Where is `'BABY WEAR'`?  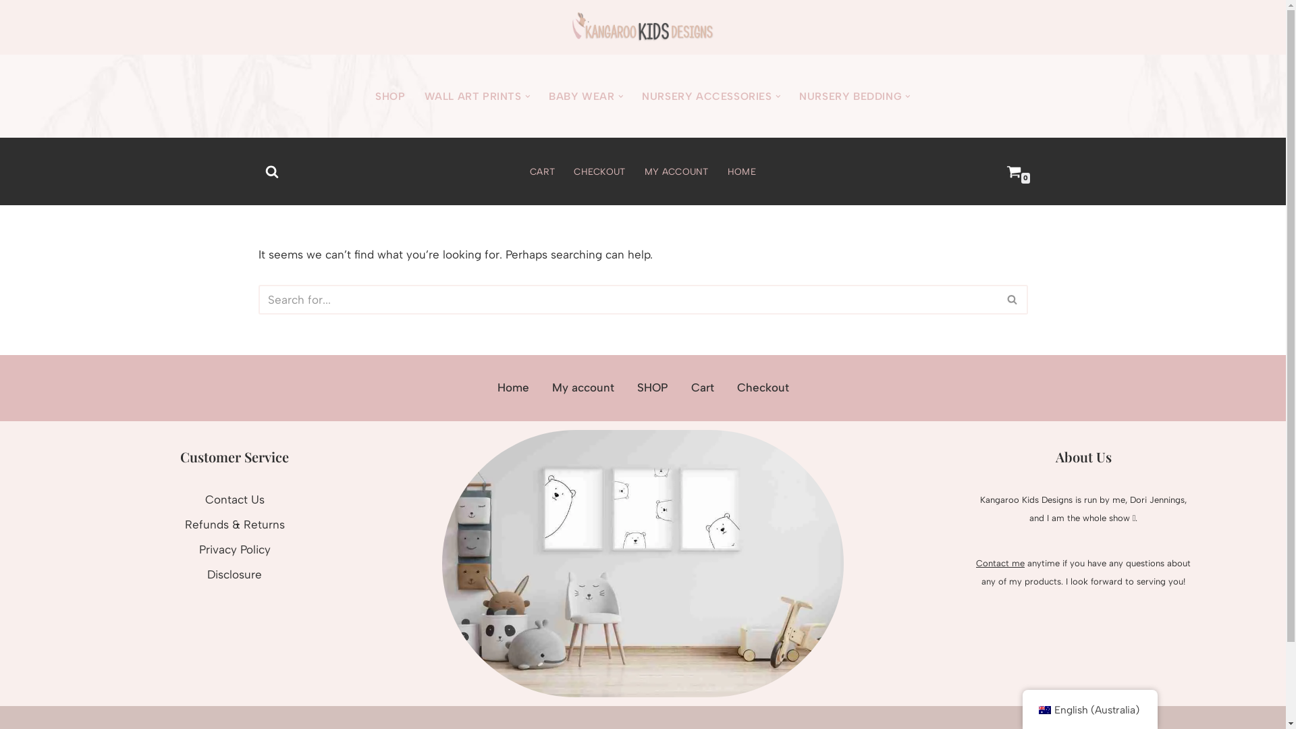 'BABY WEAR' is located at coordinates (581, 95).